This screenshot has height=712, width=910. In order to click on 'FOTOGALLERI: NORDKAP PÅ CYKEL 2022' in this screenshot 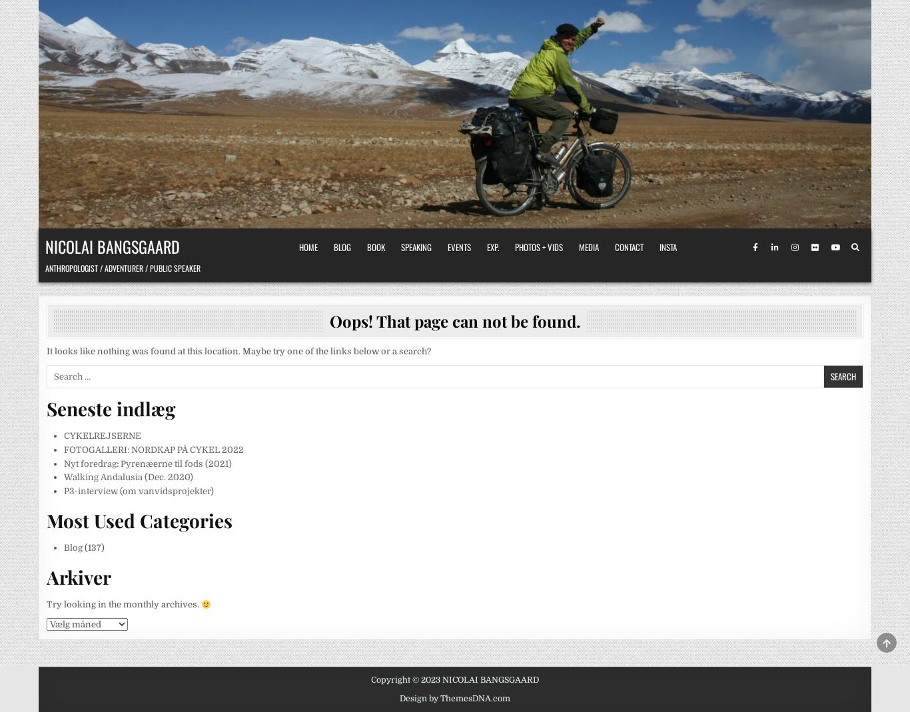, I will do `click(153, 448)`.